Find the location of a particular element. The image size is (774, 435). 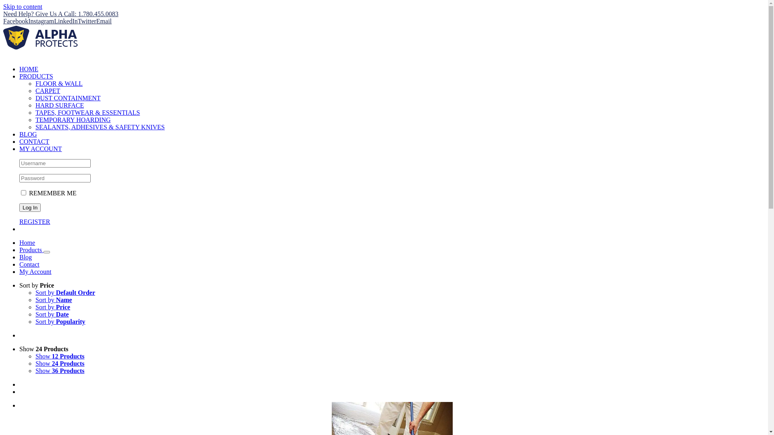

'CONTACT' is located at coordinates (34, 141).